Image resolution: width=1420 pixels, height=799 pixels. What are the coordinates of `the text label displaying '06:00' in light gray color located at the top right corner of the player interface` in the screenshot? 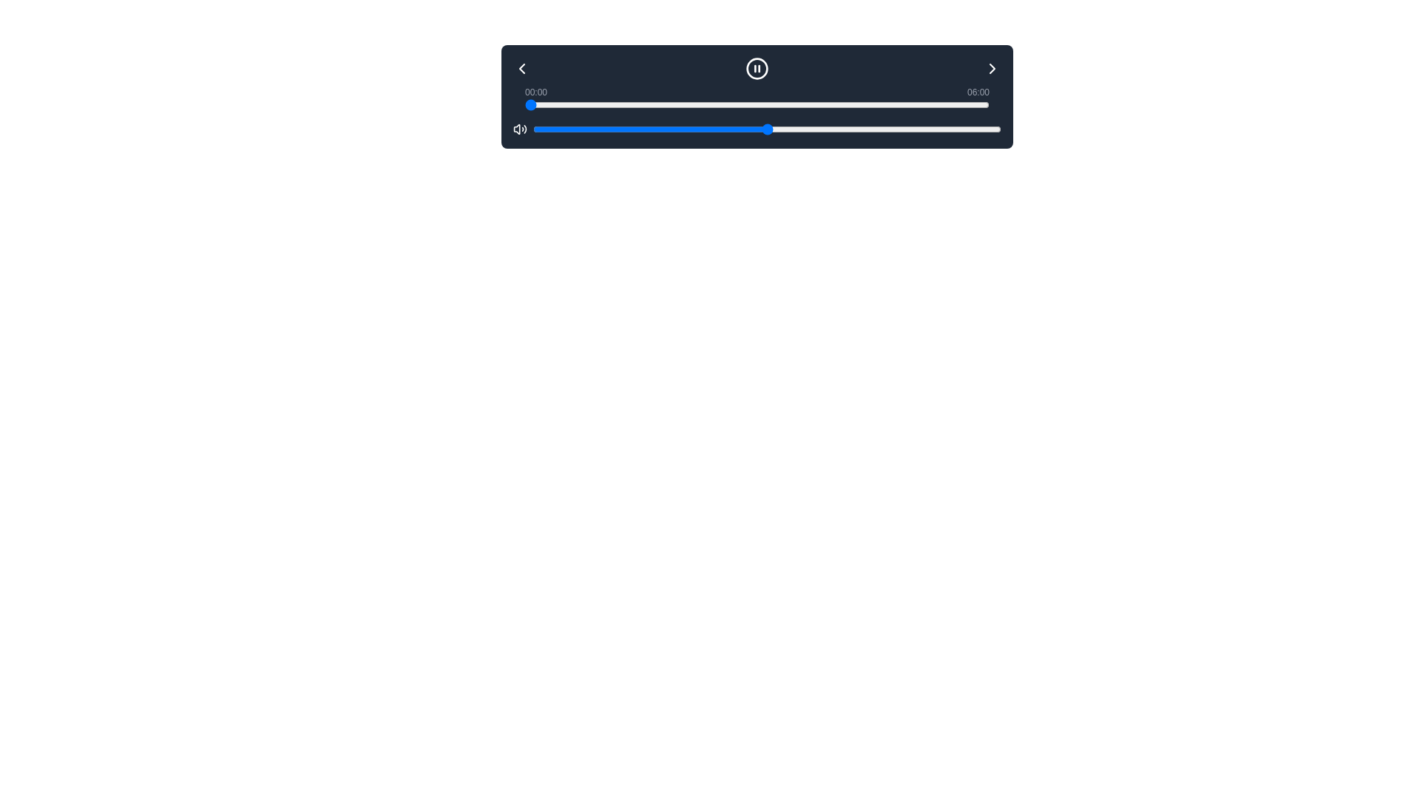 It's located at (978, 92).